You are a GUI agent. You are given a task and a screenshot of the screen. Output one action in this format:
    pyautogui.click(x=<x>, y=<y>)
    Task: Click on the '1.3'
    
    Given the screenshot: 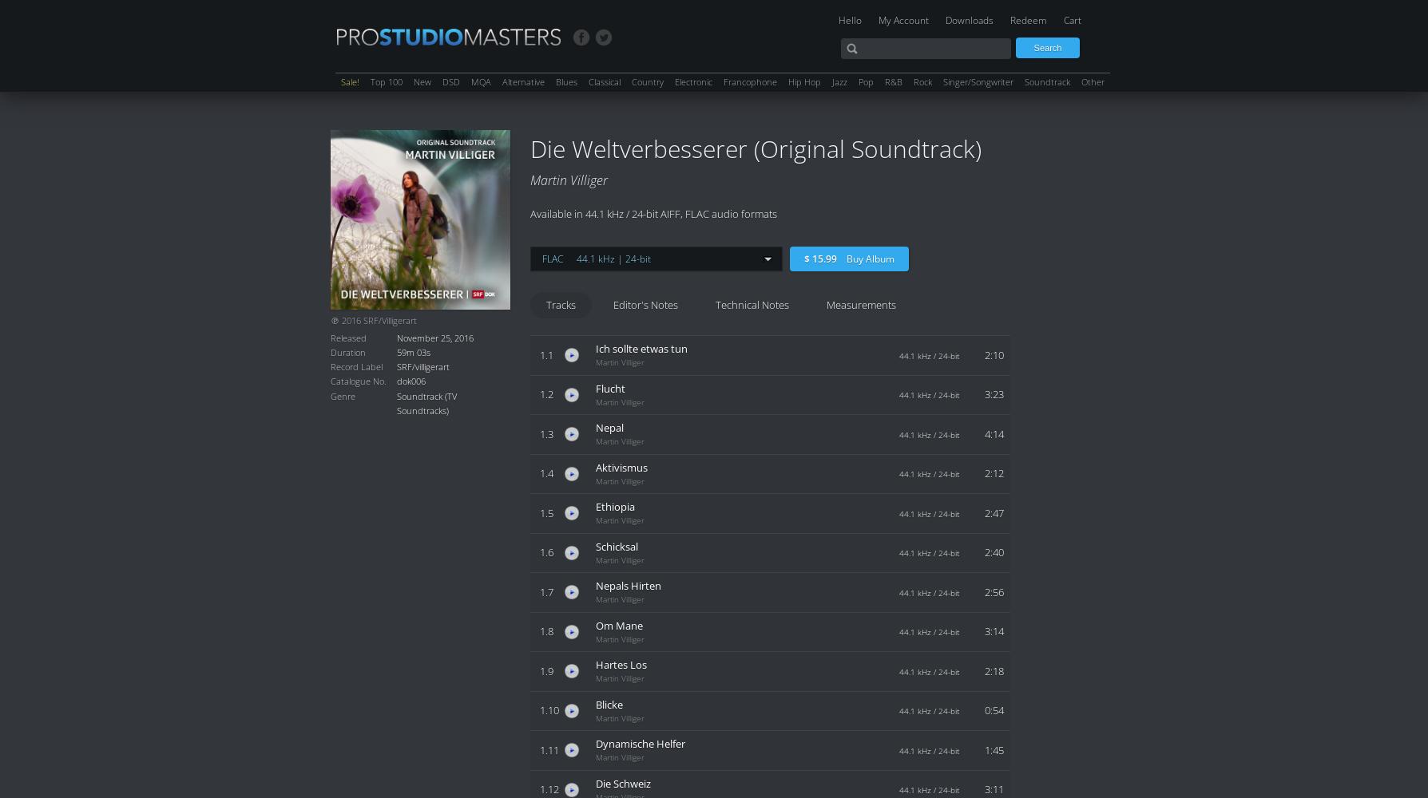 What is the action you would take?
    pyautogui.click(x=545, y=433)
    